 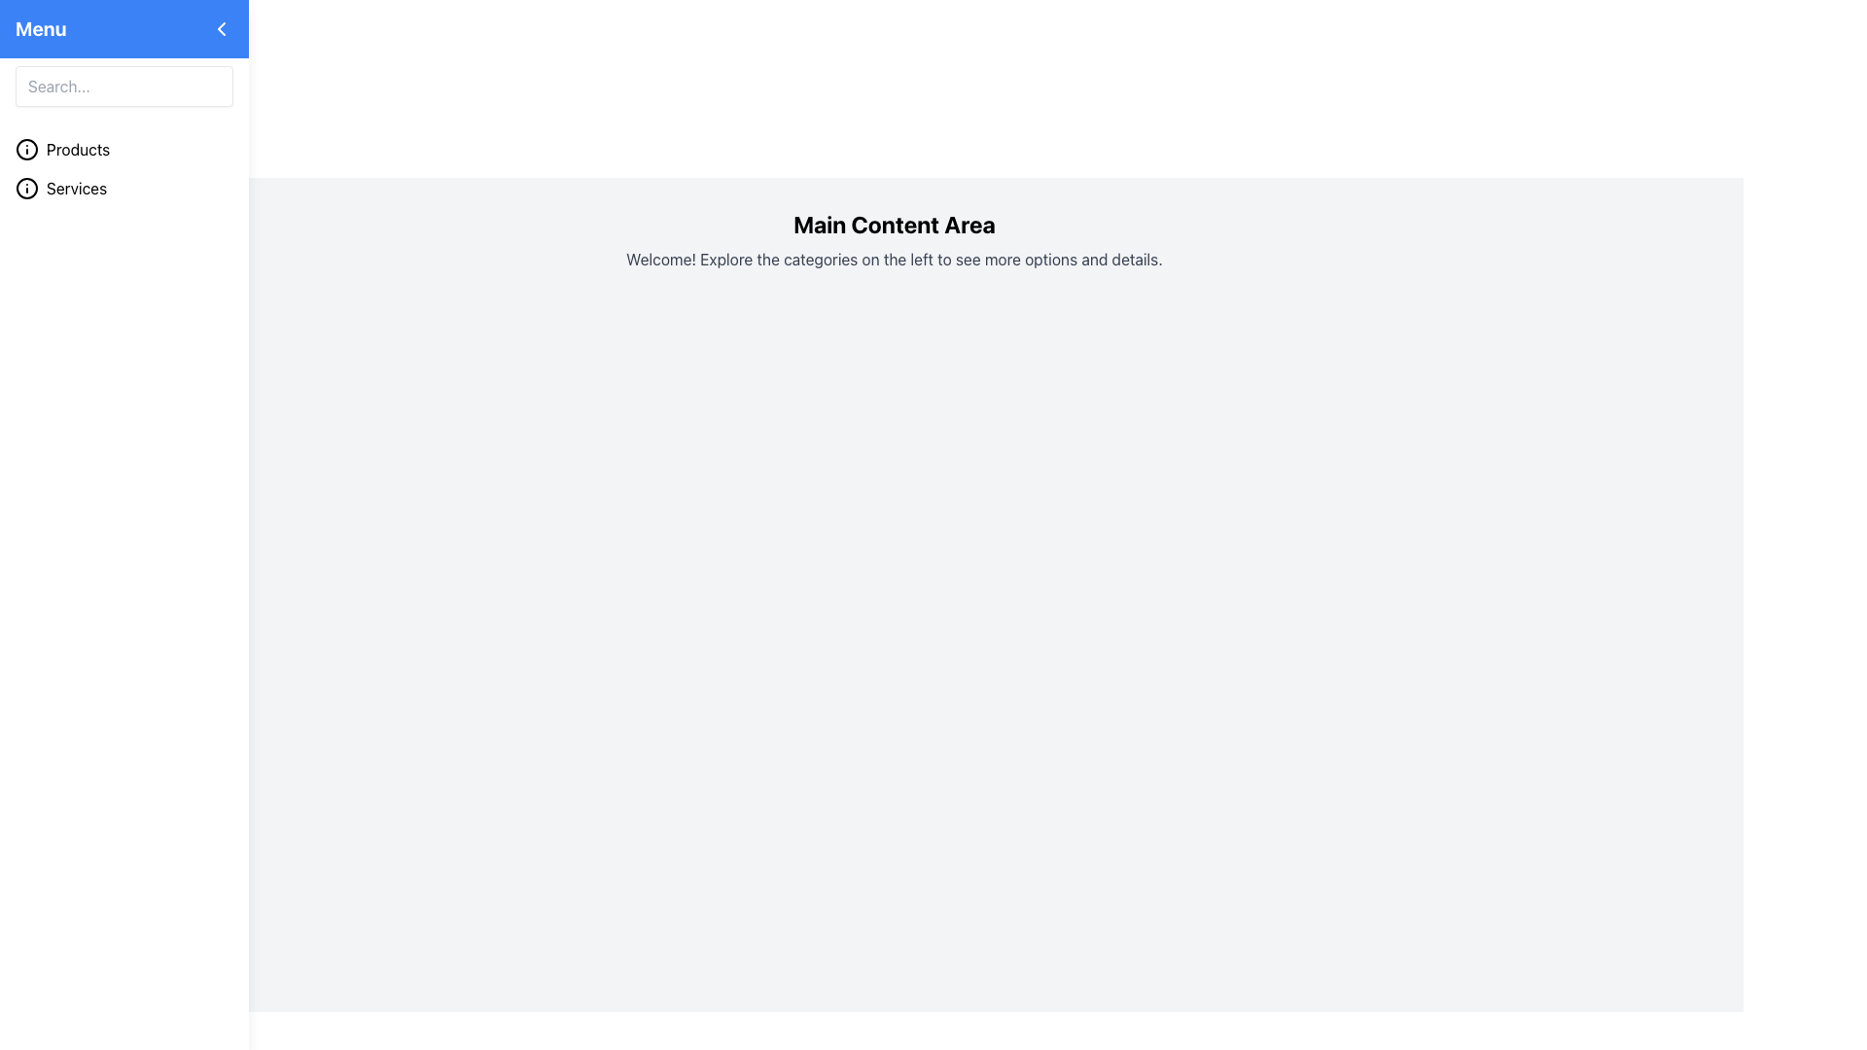 I want to click on the Text Label that serves as a title or heading for the navigation menu, positioned at the top of the sidebar, so click(x=41, y=29).